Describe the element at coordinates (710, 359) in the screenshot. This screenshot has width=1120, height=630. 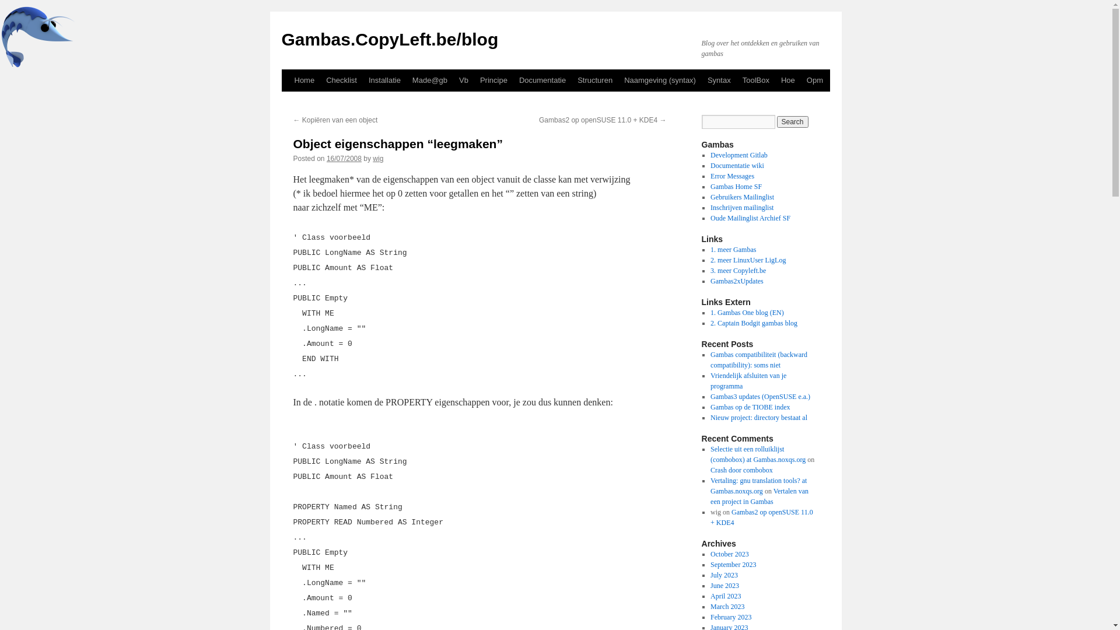
I see `'Gambas compatibiliteit (backward compatibility): soms niet'` at that location.